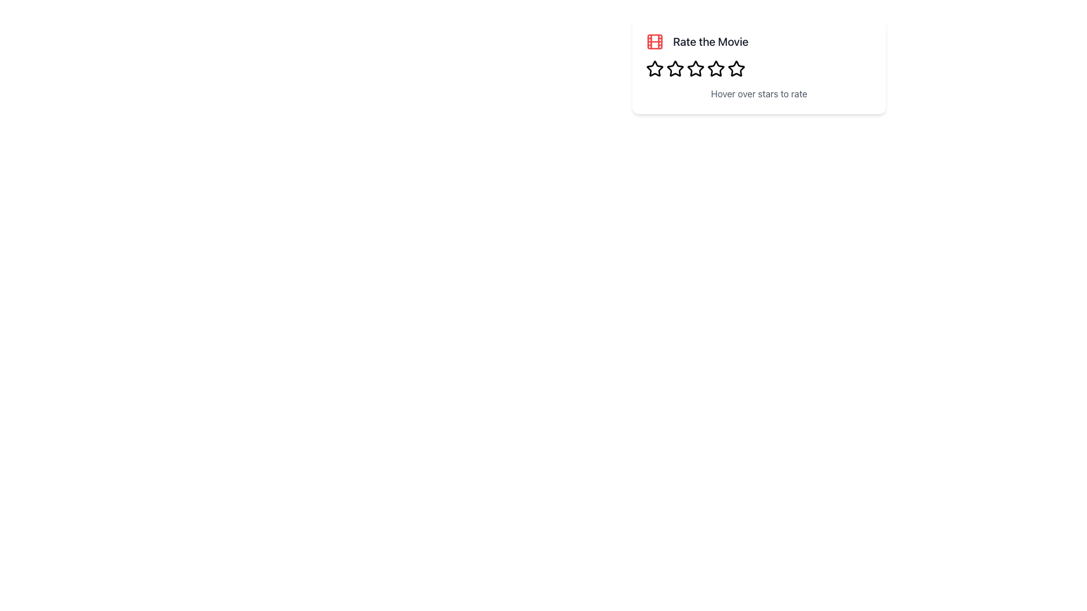 This screenshot has height=611, width=1087. What do you see at coordinates (759, 69) in the screenshot?
I see `the dynamic rating control composed of clickable star icons to reset interaction` at bounding box center [759, 69].